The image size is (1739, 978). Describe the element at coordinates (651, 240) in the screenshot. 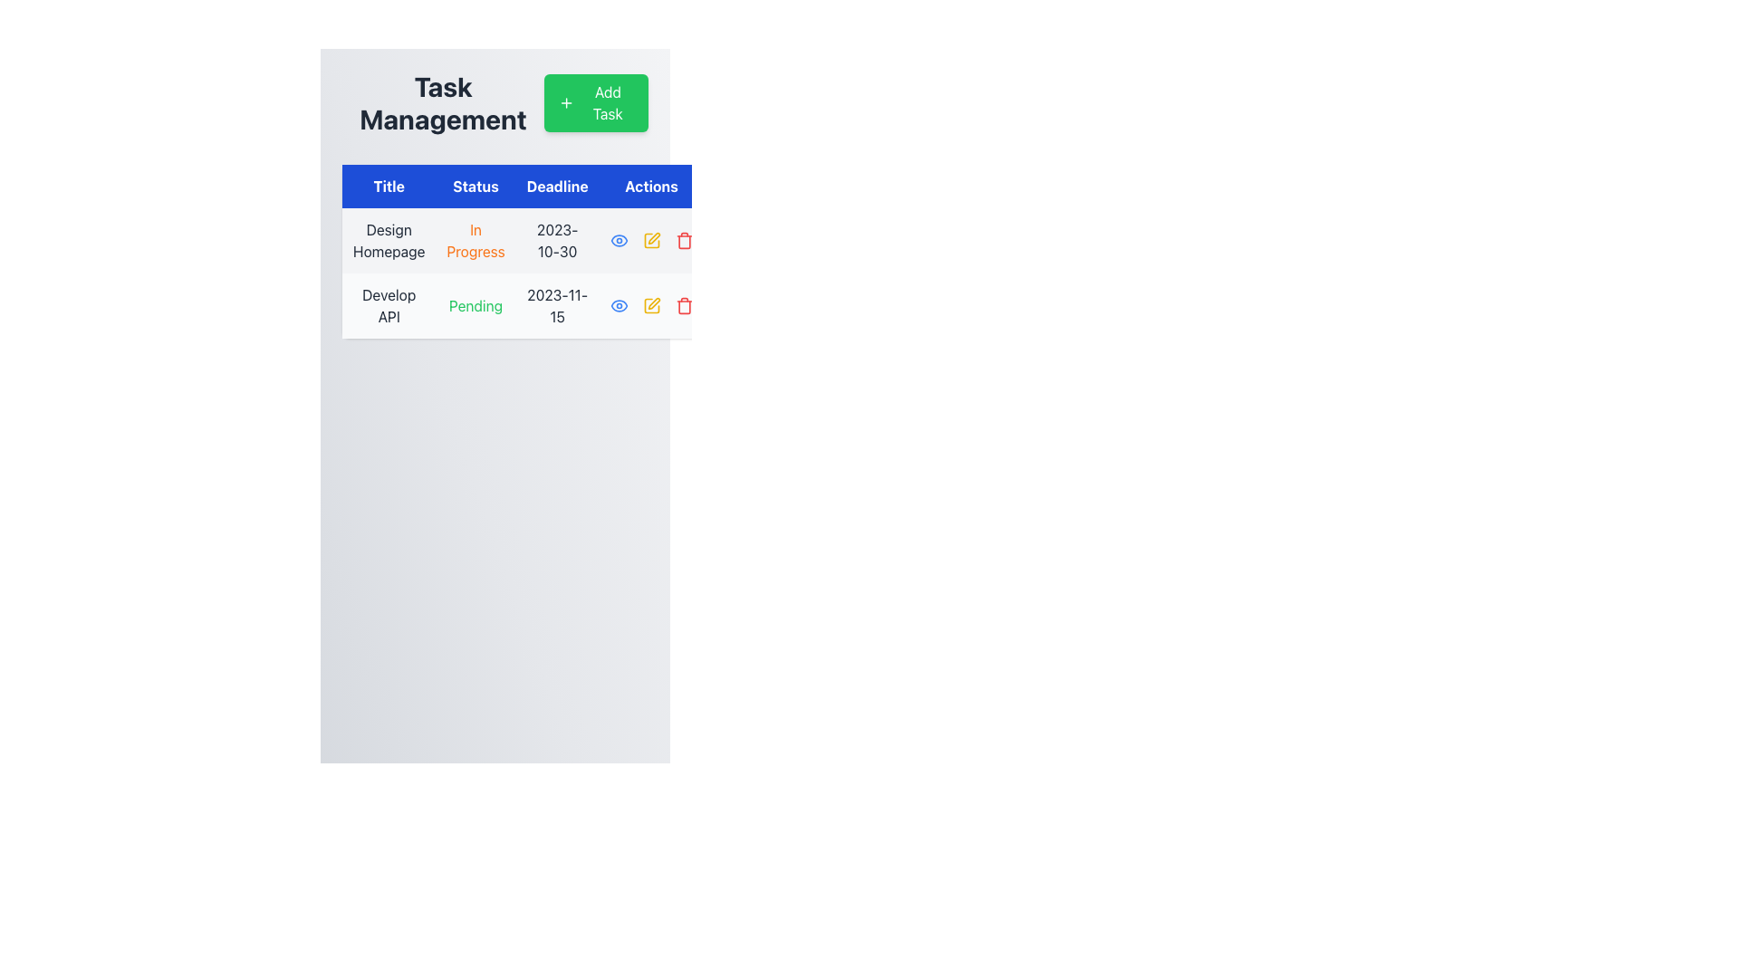

I see `the edit action icon, which is a square with rounded edges and a pen-like shape located in the 'Actions' column of the second row, second from the left` at that location.